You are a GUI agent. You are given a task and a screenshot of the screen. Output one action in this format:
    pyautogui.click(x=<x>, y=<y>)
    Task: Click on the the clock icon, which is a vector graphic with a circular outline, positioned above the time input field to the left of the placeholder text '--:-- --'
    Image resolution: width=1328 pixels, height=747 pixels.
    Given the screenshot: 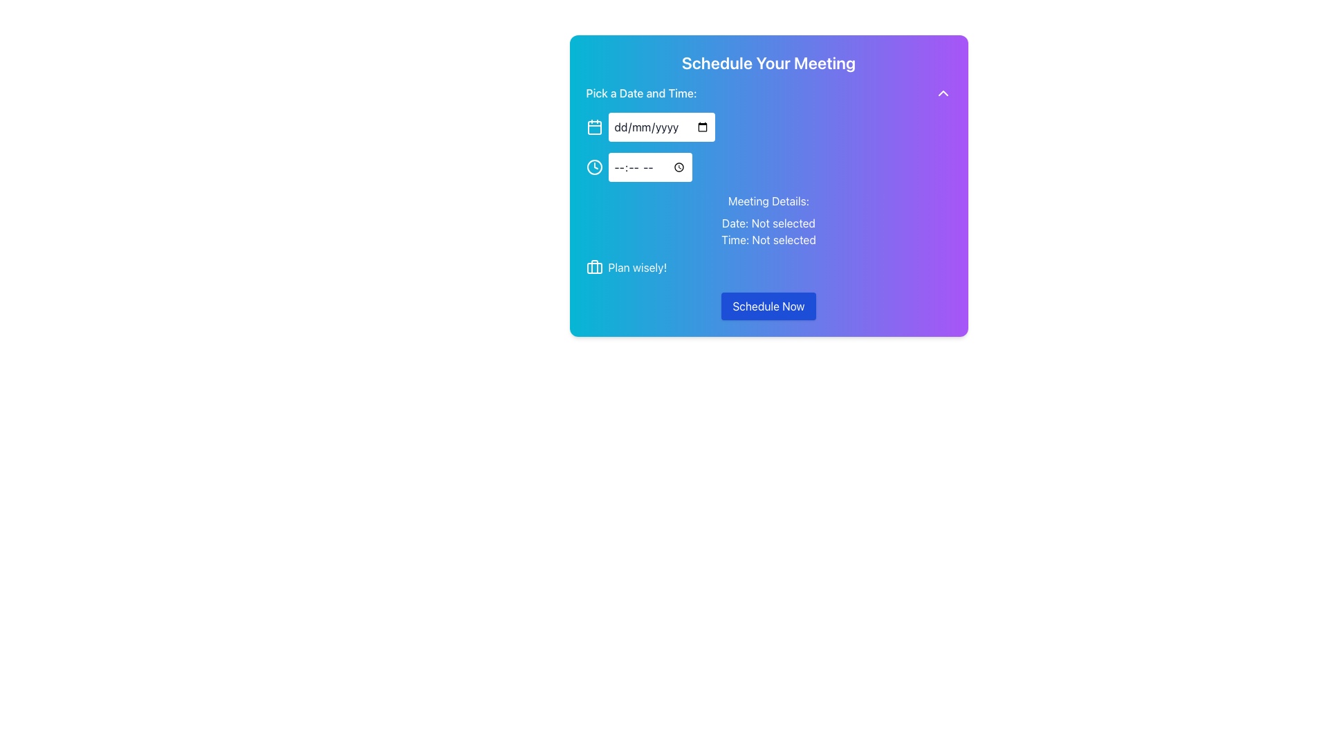 What is the action you would take?
    pyautogui.click(x=594, y=167)
    